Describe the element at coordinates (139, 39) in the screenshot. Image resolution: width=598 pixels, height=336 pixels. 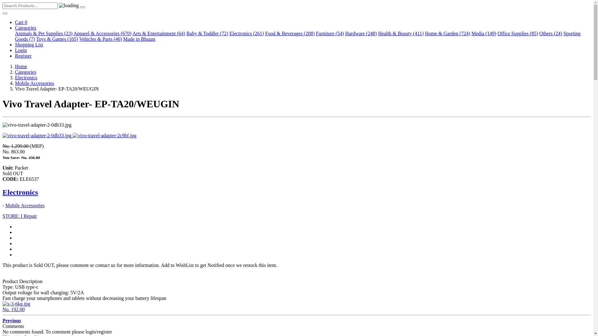
I see `'Made in Bhutan'` at that location.